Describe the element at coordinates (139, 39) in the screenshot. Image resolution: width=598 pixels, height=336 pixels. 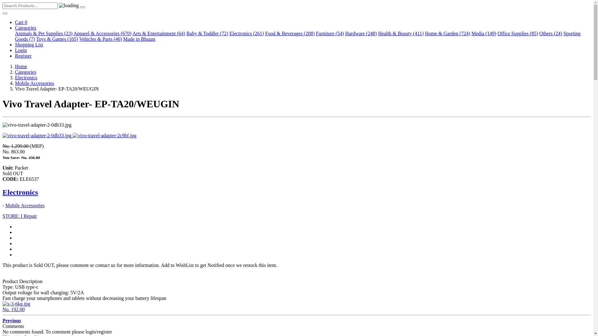
I see `'Made in Bhutan'` at that location.